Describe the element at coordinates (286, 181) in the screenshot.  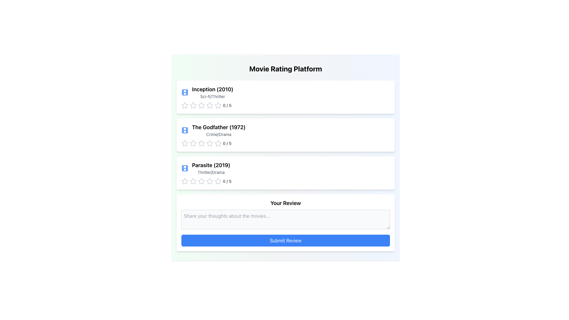
I see `the rating display and selector, which consists of five hollow stars and shows '0 / 5' under the movie title 'Parasite (2019)'` at that location.